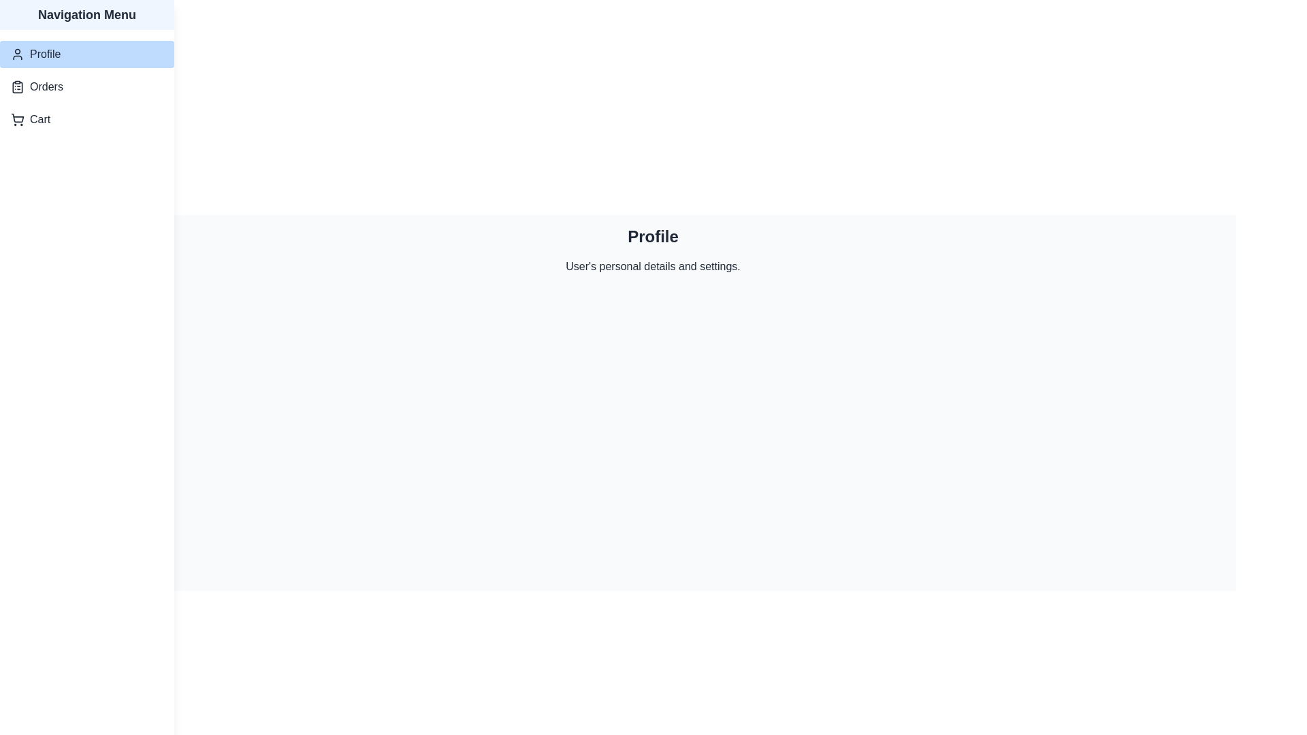 The width and height of the screenshot is (1307, 735). I want to click on the 'Orders' navigation item, which is the second item in the vertical navigation menu on the left, below 'Profile' and above 'Cart', so click(86, 86).